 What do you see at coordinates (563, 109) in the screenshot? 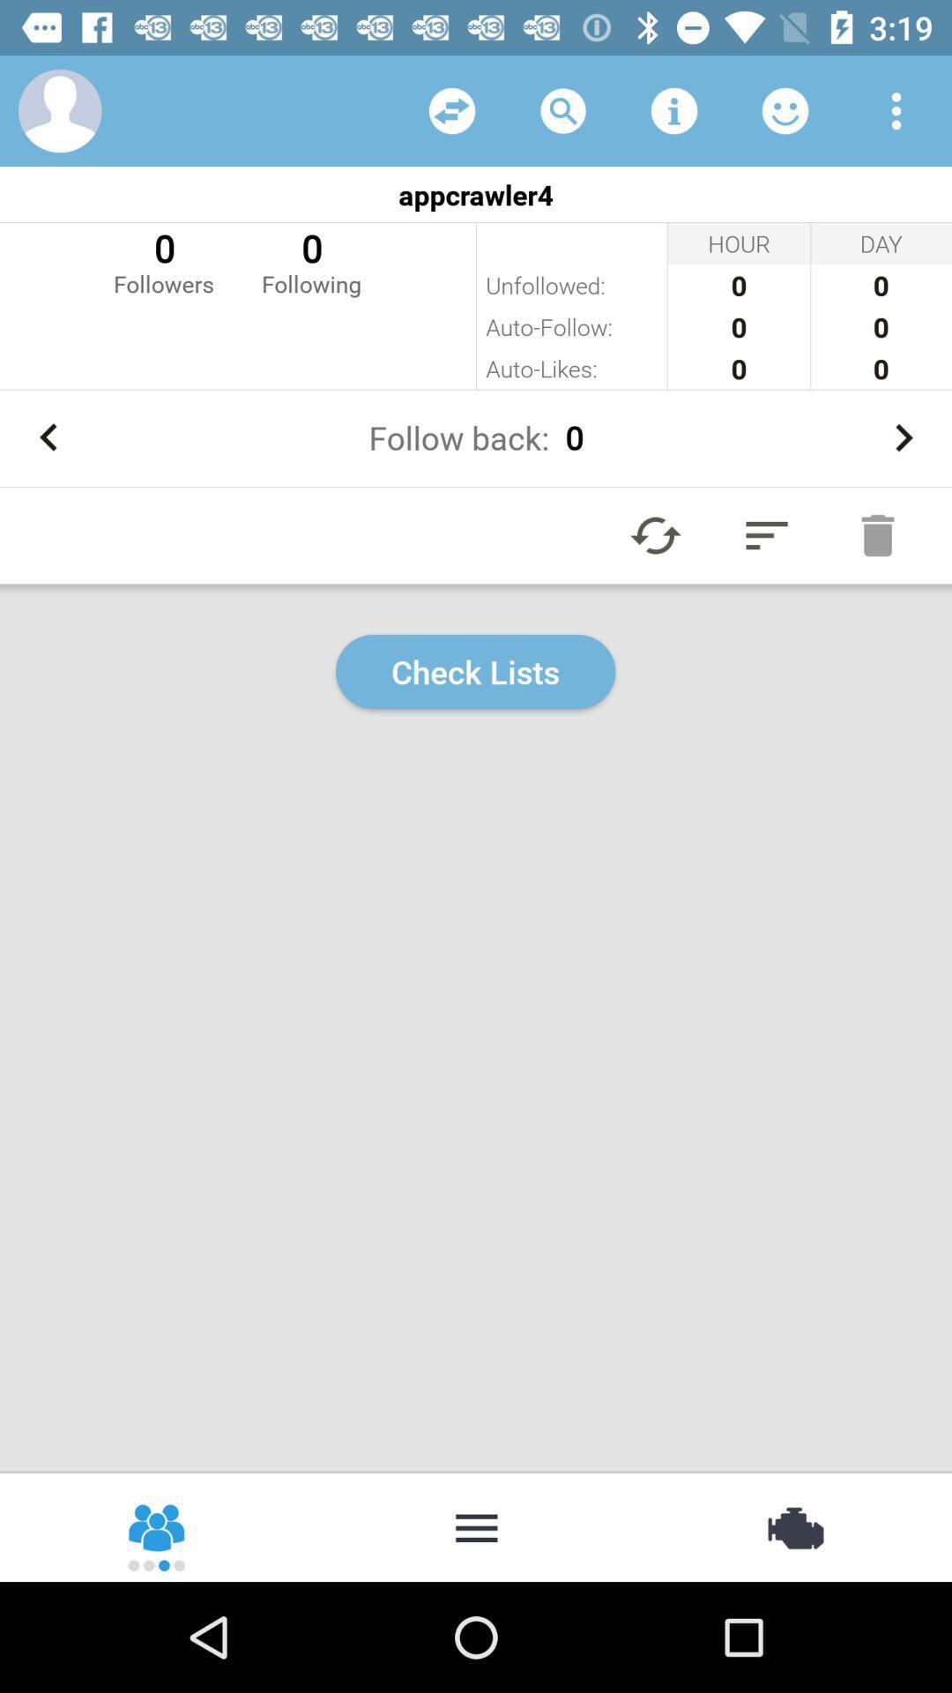
I see `icon above appcrawler4 item` at bounding box center [563, 109].